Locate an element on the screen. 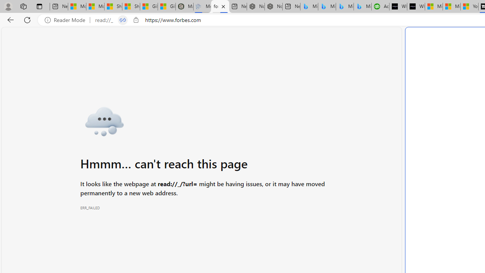 This screenshot has height=273, width=485. 'Manatee Mortality Statistics | FWC' is located at coordinates (184, 6).